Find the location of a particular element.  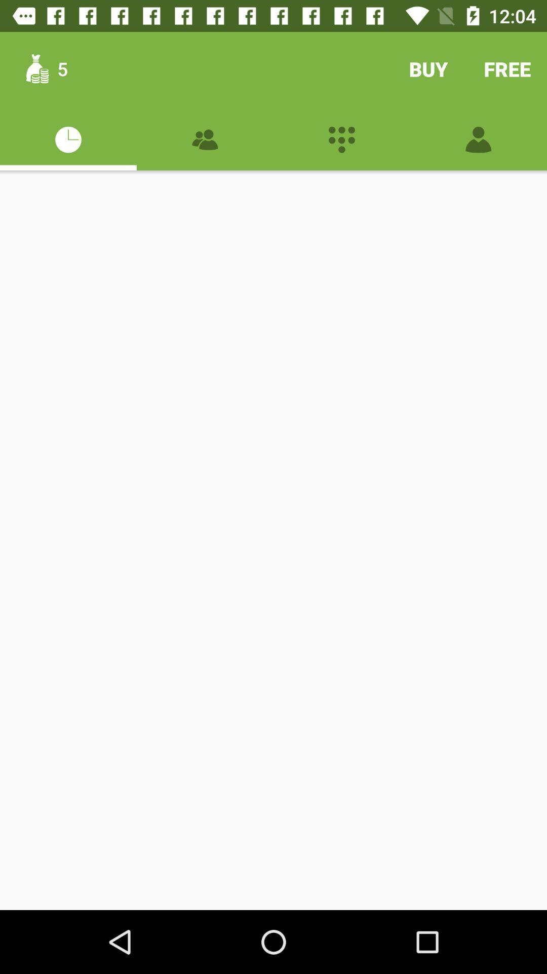

the free is located at coordinates (507, 68).